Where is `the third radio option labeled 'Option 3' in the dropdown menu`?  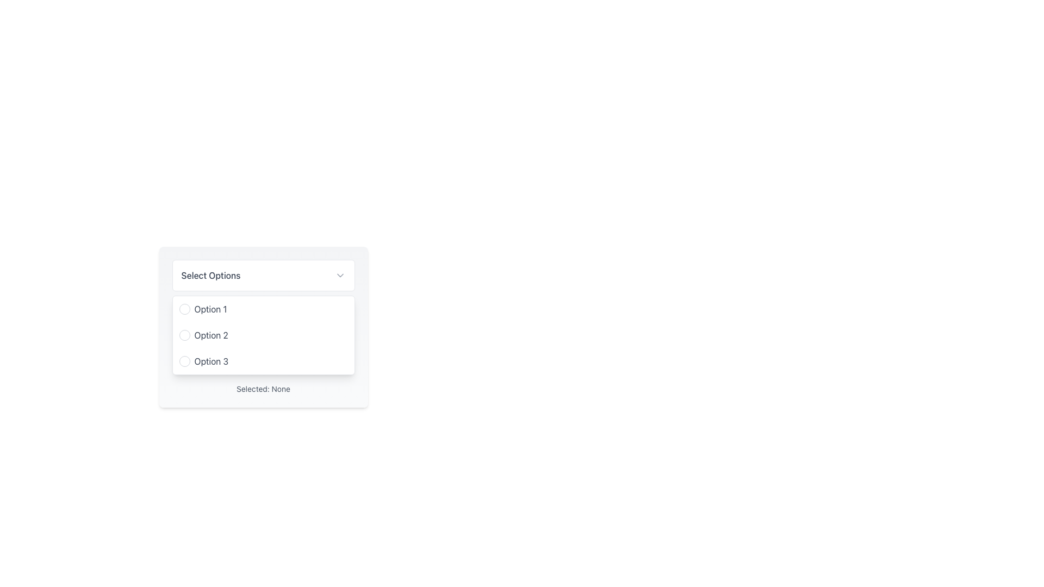 the third radio option labeled 'Option 3' in the dropdown menu is located at coordinates (263, 361).